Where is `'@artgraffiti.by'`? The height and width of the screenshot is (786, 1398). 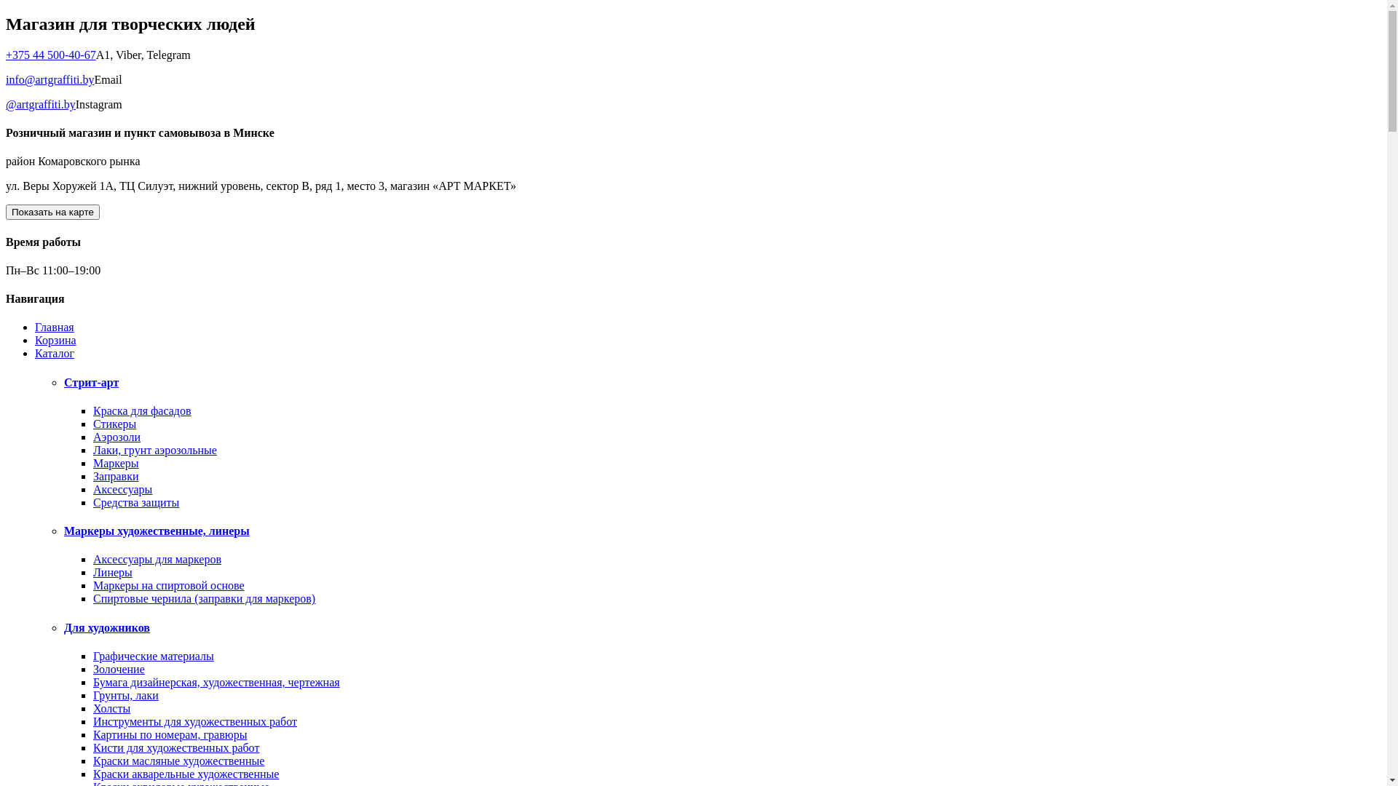
'@artgraffiti.by' is located at coordinates (41, 103).